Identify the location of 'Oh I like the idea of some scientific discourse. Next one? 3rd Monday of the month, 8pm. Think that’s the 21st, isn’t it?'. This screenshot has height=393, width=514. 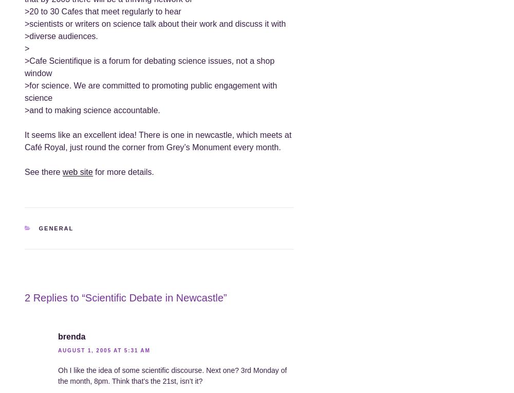
(172, 375).